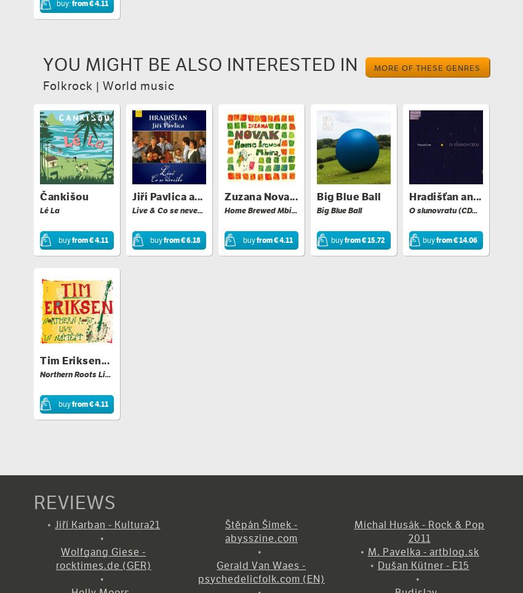  What do you see at coordinates (418, 531) in the screenshot?
I see `'Michal Husák  - Rock & Pop 2011'` at bounding box center [418, 531].